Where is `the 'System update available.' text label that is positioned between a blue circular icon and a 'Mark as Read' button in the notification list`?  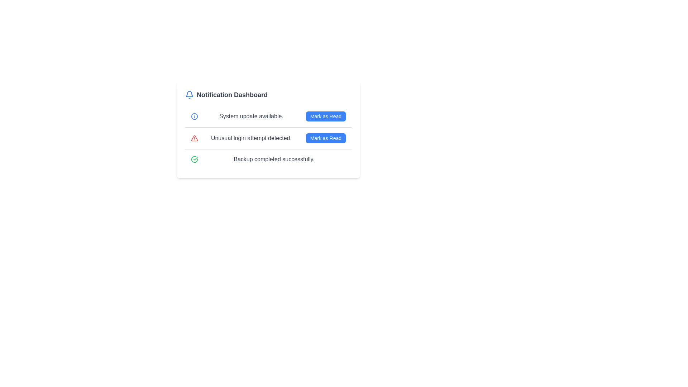 the 'System update available.' text label that is positioned between a blue circular icon and a 'Mark as Read' button in the notification list is located at coordinates (251, 116).